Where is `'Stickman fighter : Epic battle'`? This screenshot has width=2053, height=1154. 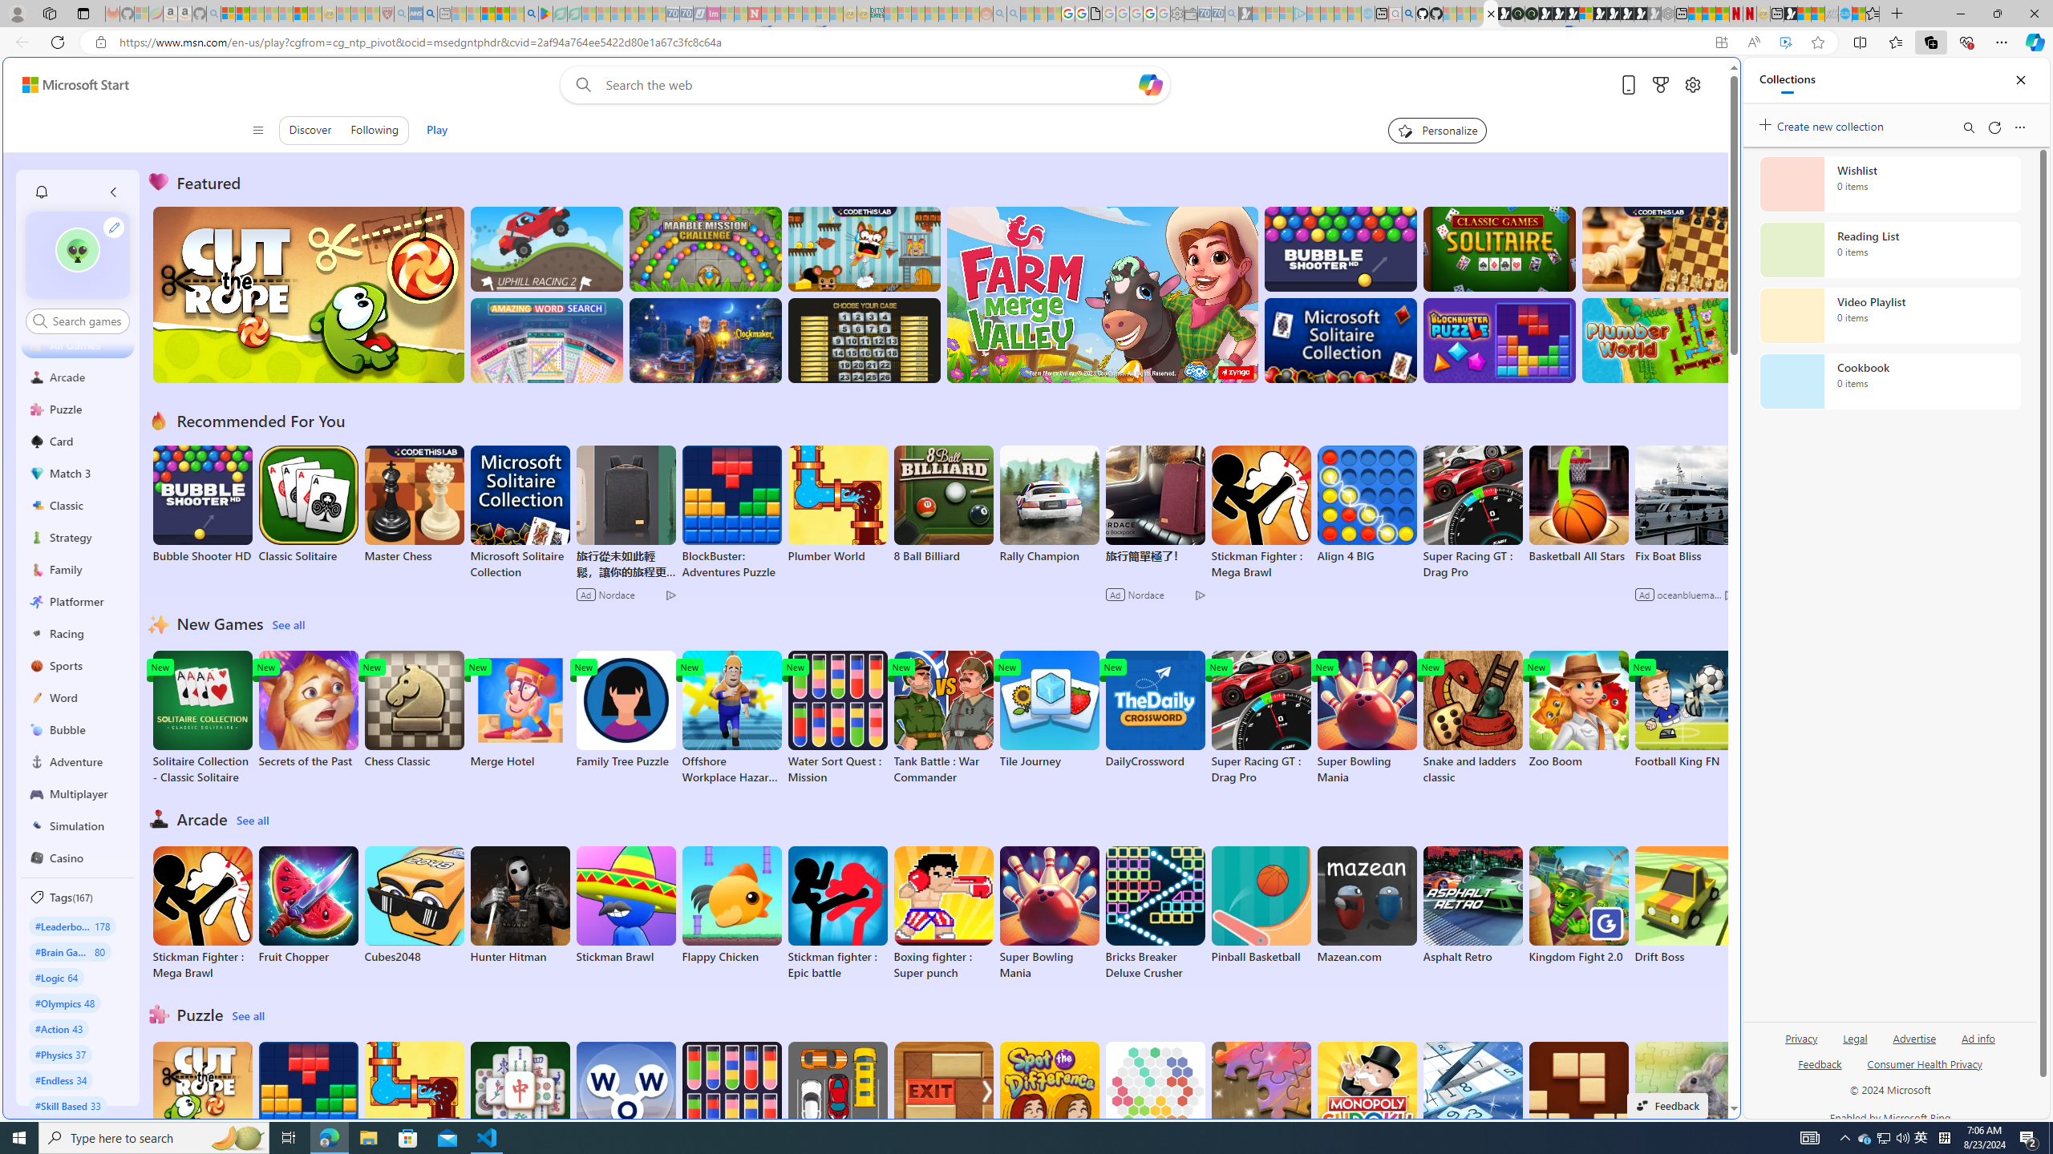
'Stickman fighter : Epic battle' is located at coordinates (836, 912).